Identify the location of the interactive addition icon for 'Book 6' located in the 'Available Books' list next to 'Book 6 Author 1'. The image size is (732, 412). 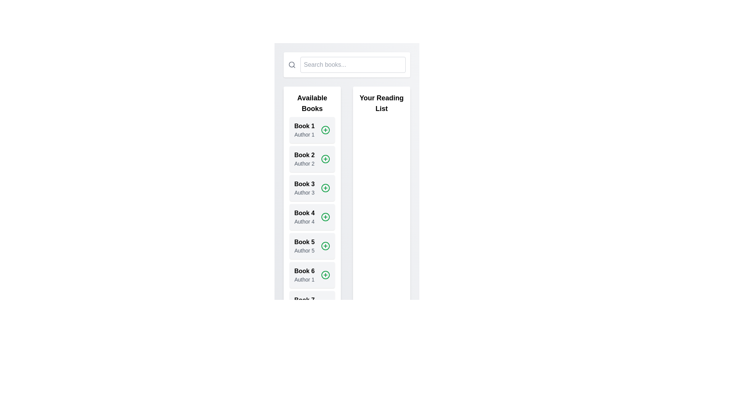
(326, 275).